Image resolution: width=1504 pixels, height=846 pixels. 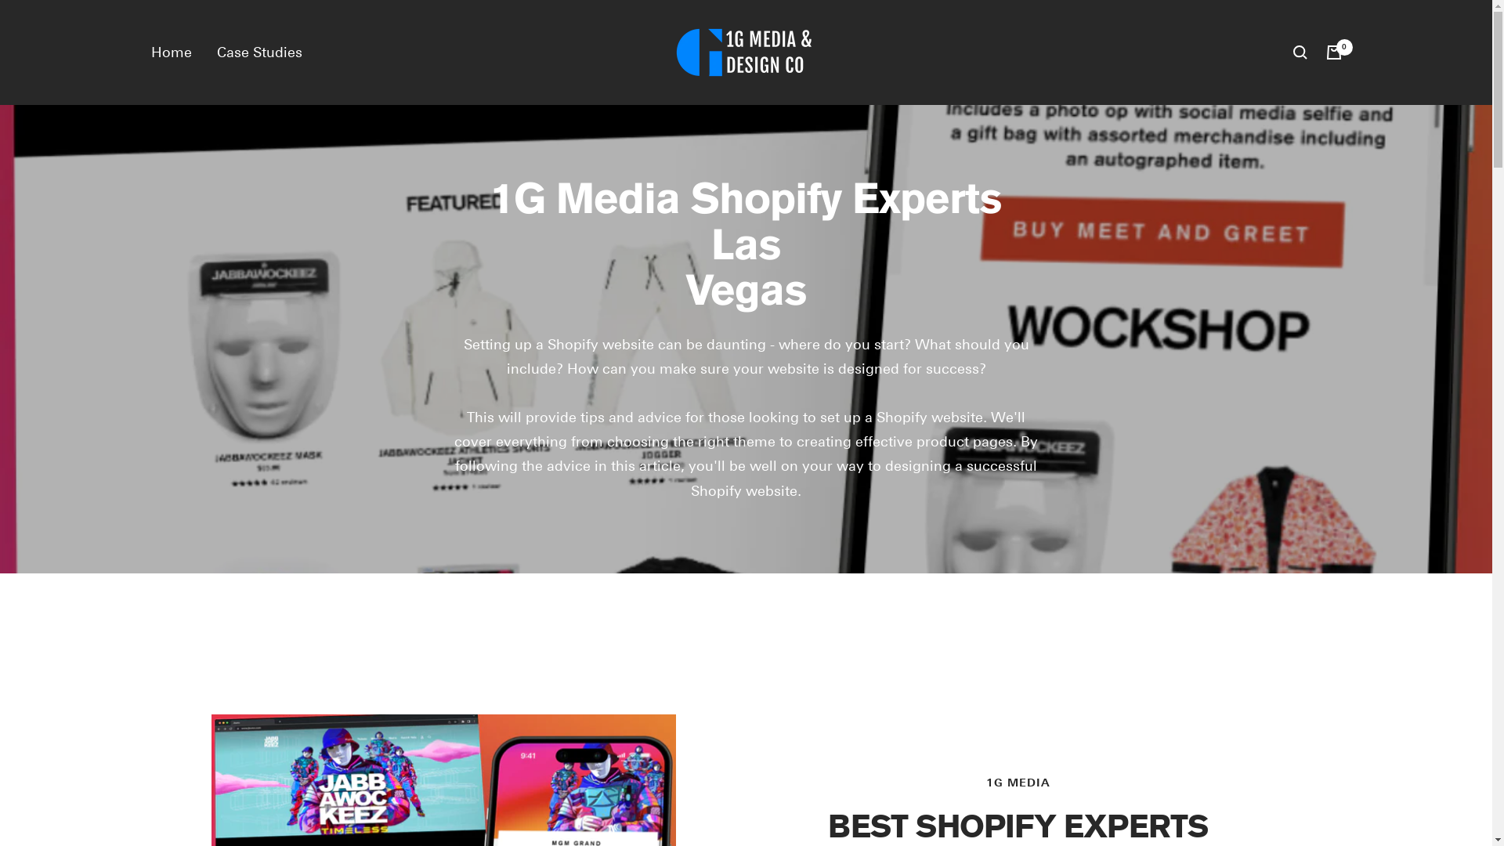 I want to click on 'Home', so click(x=170, y=51).